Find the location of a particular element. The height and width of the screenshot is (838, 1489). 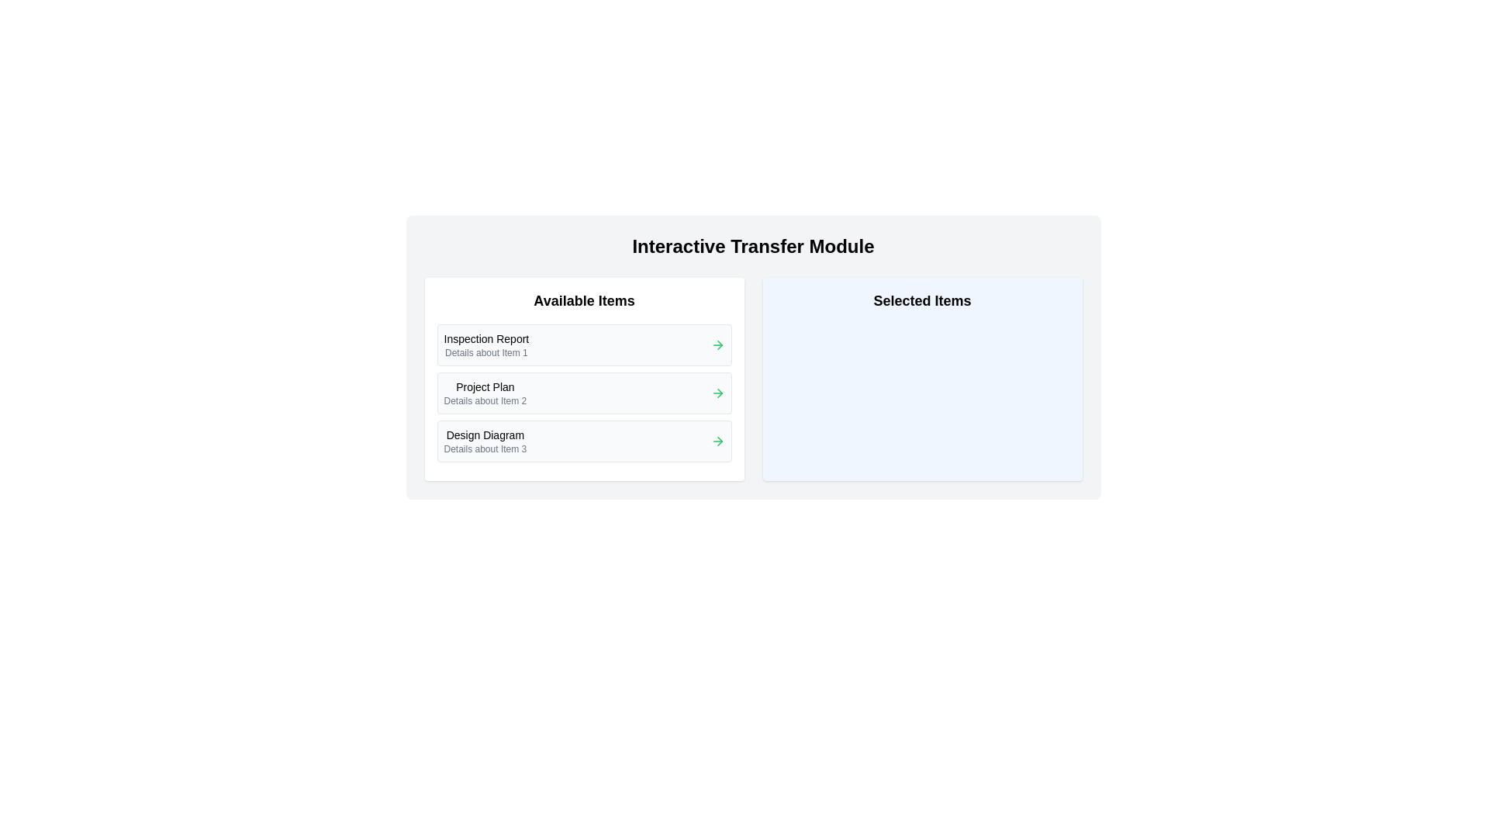

the first list item labeled 'Inspection Report' is located at coordinates (583, 344).